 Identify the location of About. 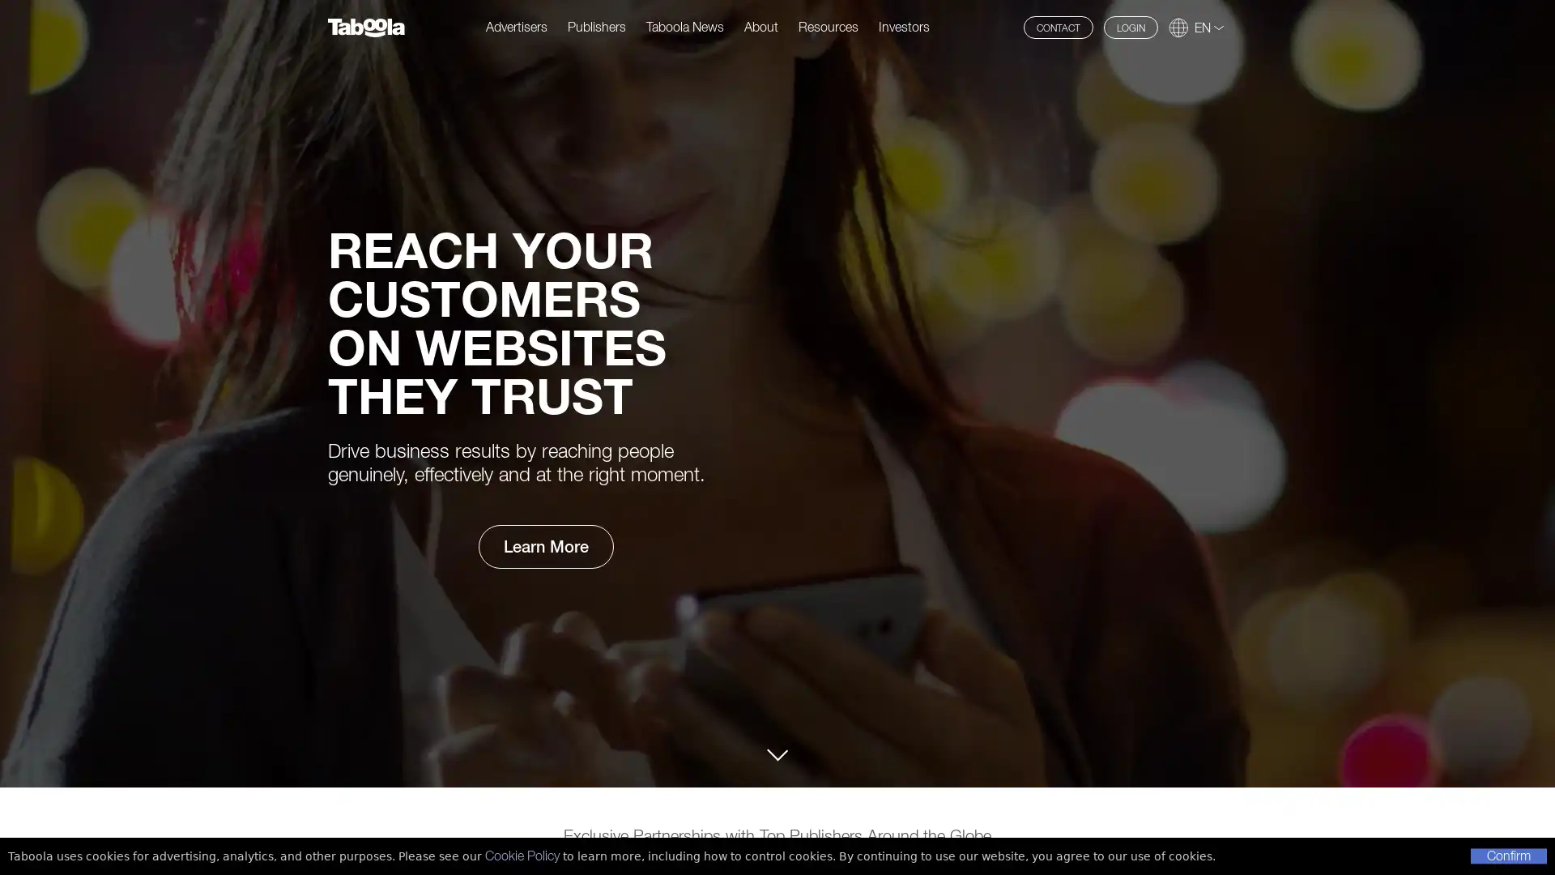
(760, 26).